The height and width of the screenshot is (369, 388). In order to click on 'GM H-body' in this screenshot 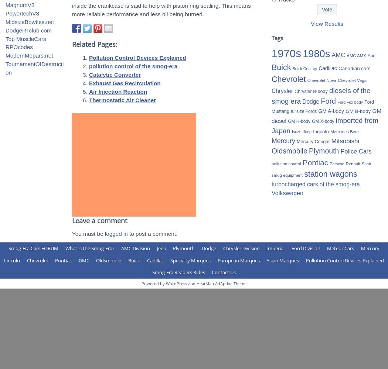, I will do `click(299, 121)`.